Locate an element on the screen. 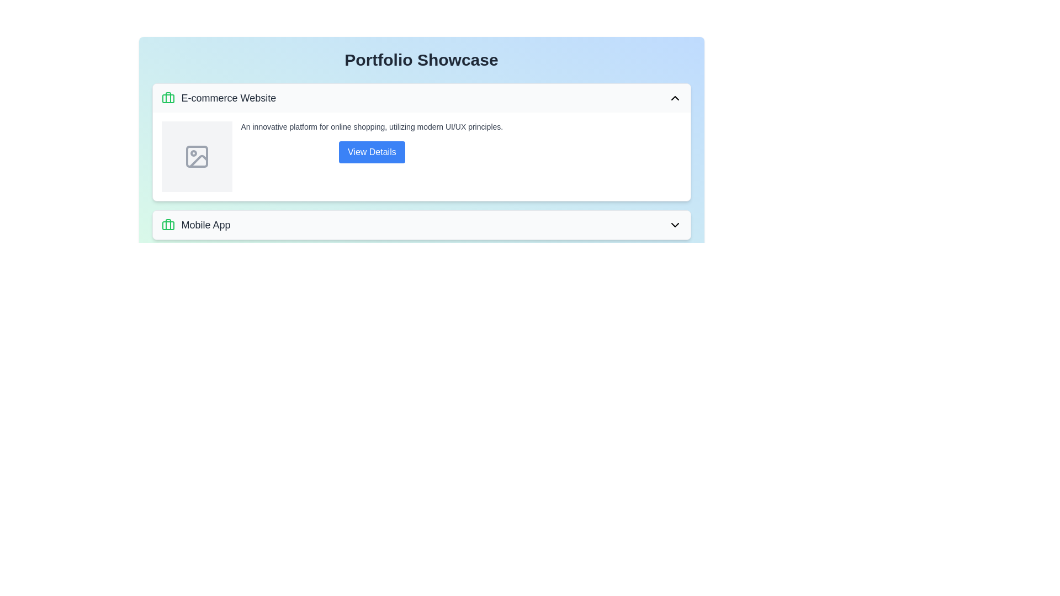 The height and width of the screenshot is (596, 1060). the 'Mobile App' icon located to the left of the text in the second section of the portfolio items list is located at coordinates (167, 225).